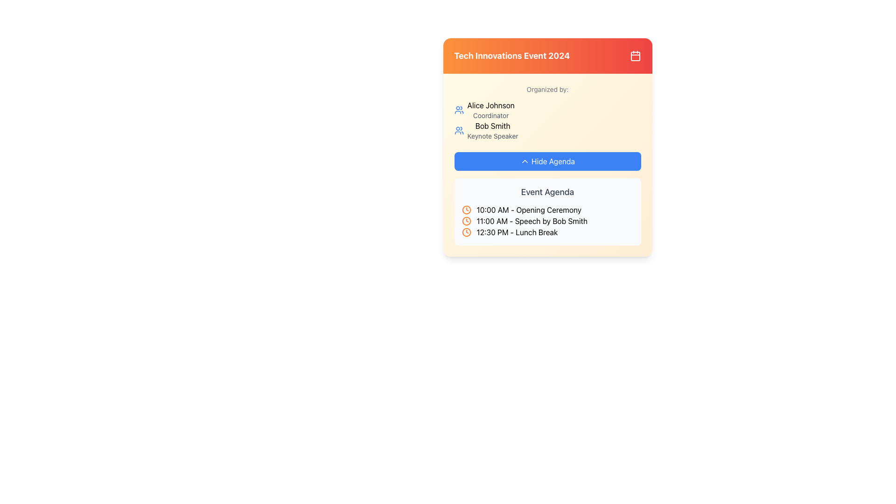 This screenshot has height=504, width=896. Describe the element at coordinates (547, 165) in the screenshot. I see `the 'Hide Agenda' button, which is a bright blue rectangular button with white text, to observe its hover effect` at that location.